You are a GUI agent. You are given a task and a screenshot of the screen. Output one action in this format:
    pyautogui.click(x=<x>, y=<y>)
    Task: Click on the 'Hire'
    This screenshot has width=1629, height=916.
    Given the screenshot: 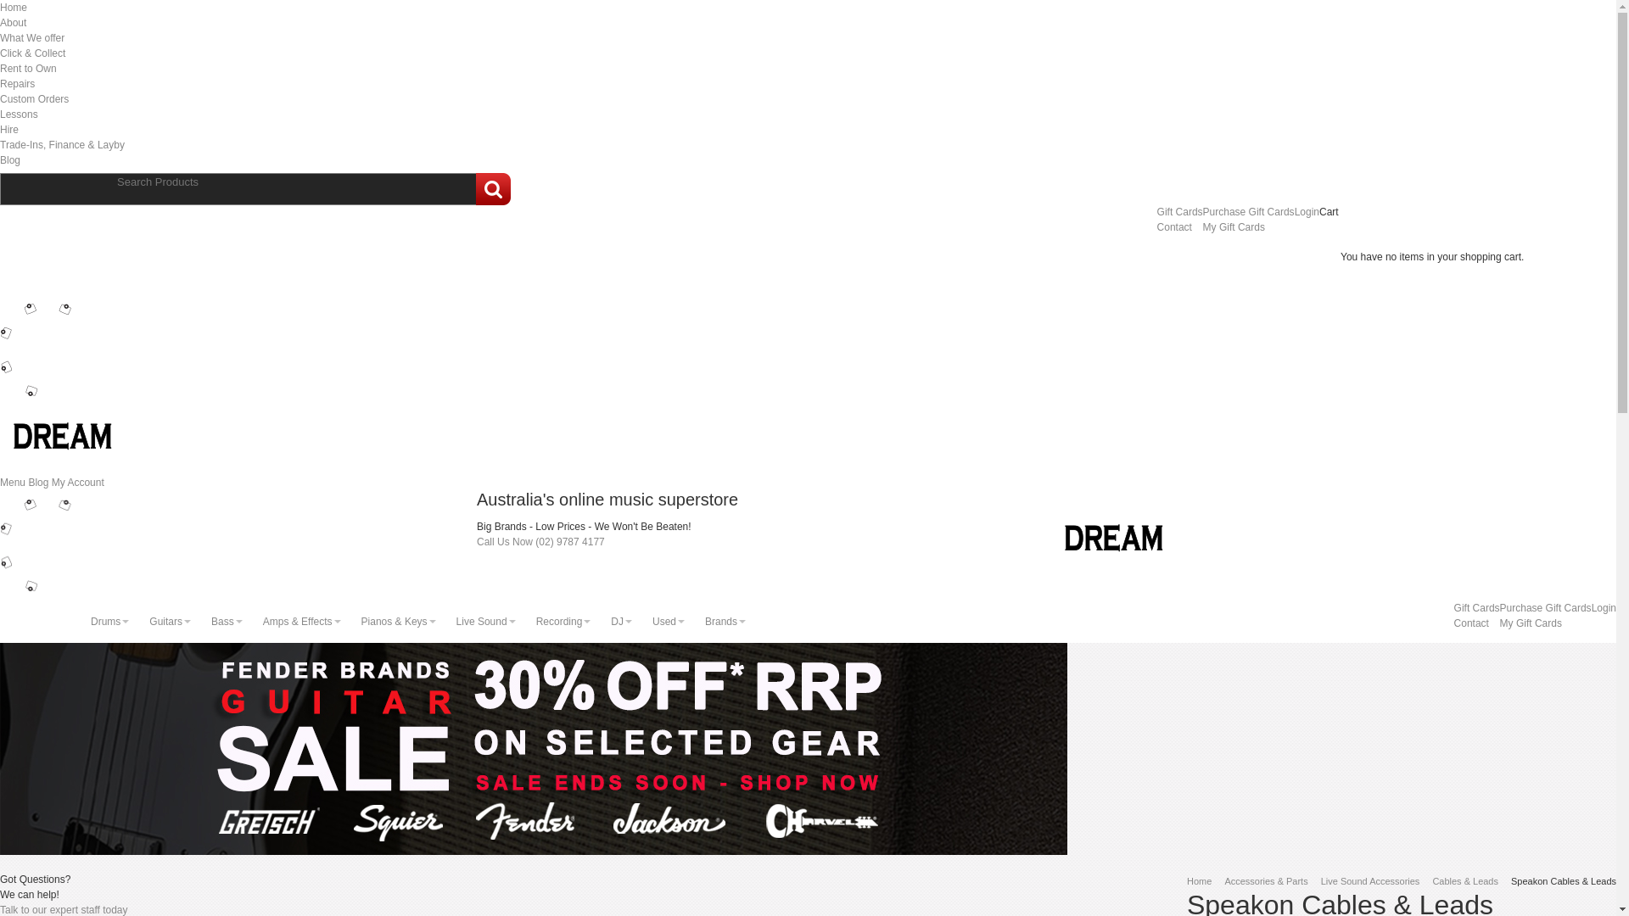 What is the action you would take?
    pyautogui.click(x=8, y=129)
    